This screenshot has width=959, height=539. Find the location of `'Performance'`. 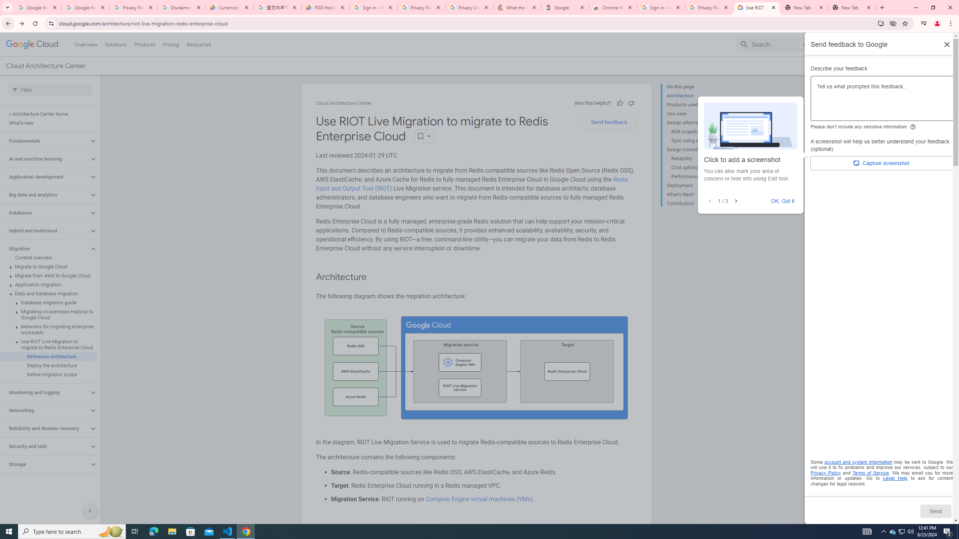

'Performance' is located at coordinates (699, 176).